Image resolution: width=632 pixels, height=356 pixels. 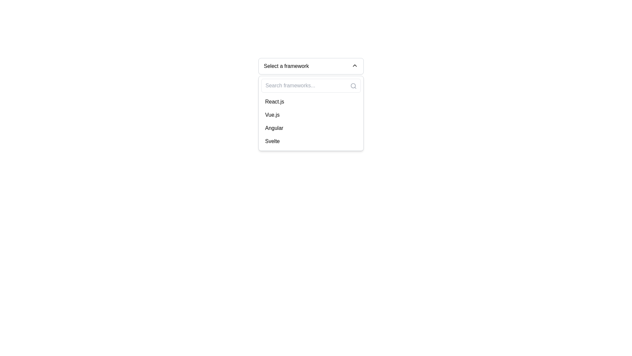 What do you see at coordinates (274, 128) in the screenshot?
I see `the 'Angular' list item, which is the third option in the dropdown under the 'Search frameworks...' input box` at bounding box center [274, 128].